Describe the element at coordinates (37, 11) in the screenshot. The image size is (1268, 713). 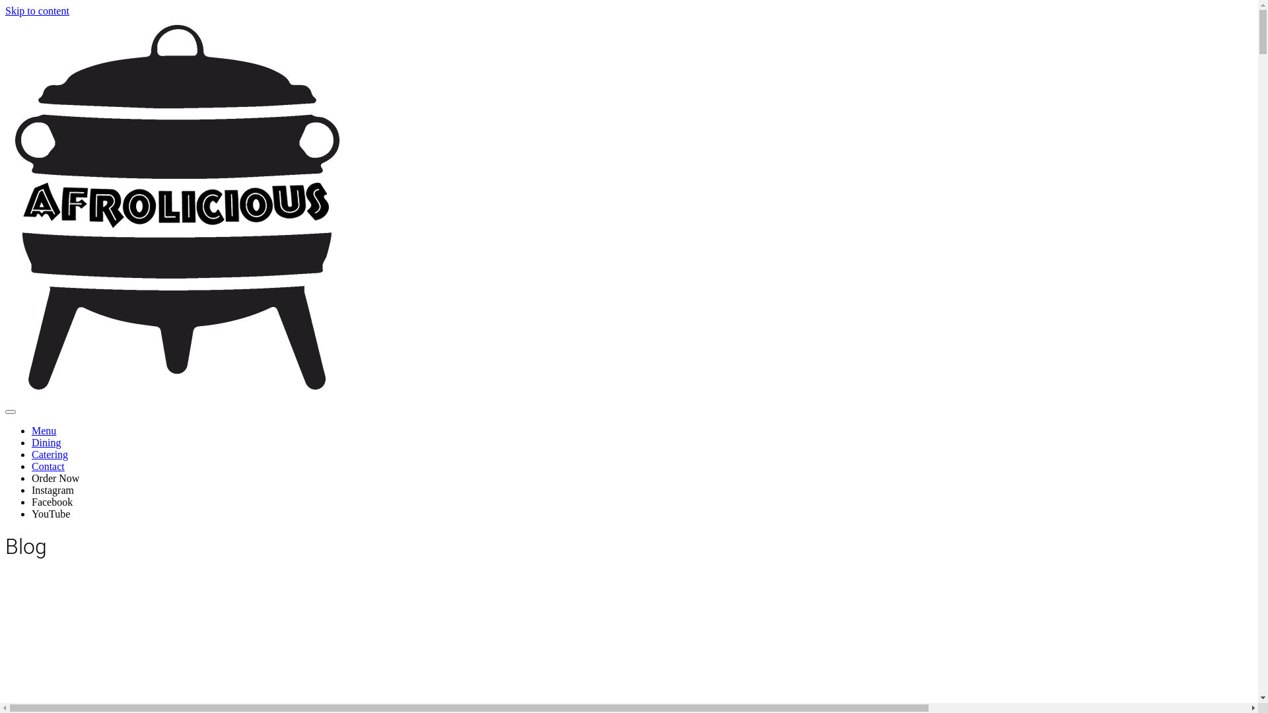
I see `'Skip to content'` at that location.